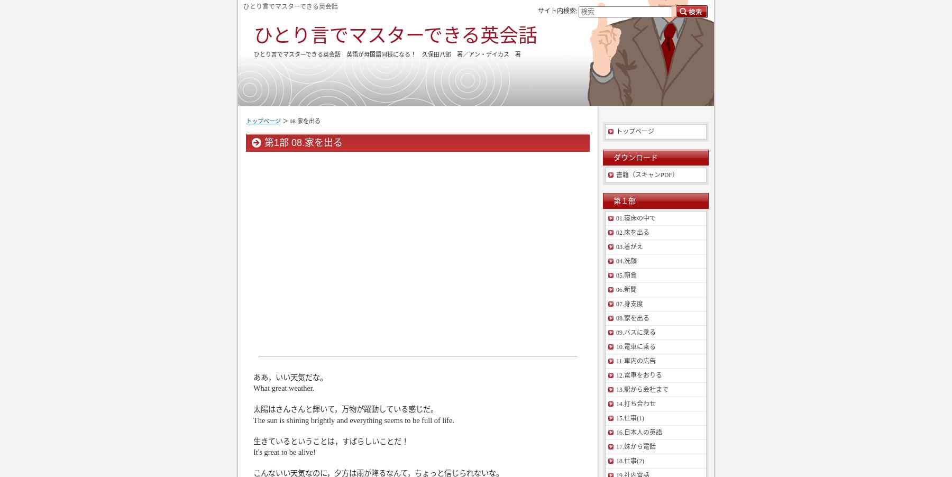 The height and width of the screenshot is (477, 952). I want to click on '13.駅から会社まで', so click(642, 390).